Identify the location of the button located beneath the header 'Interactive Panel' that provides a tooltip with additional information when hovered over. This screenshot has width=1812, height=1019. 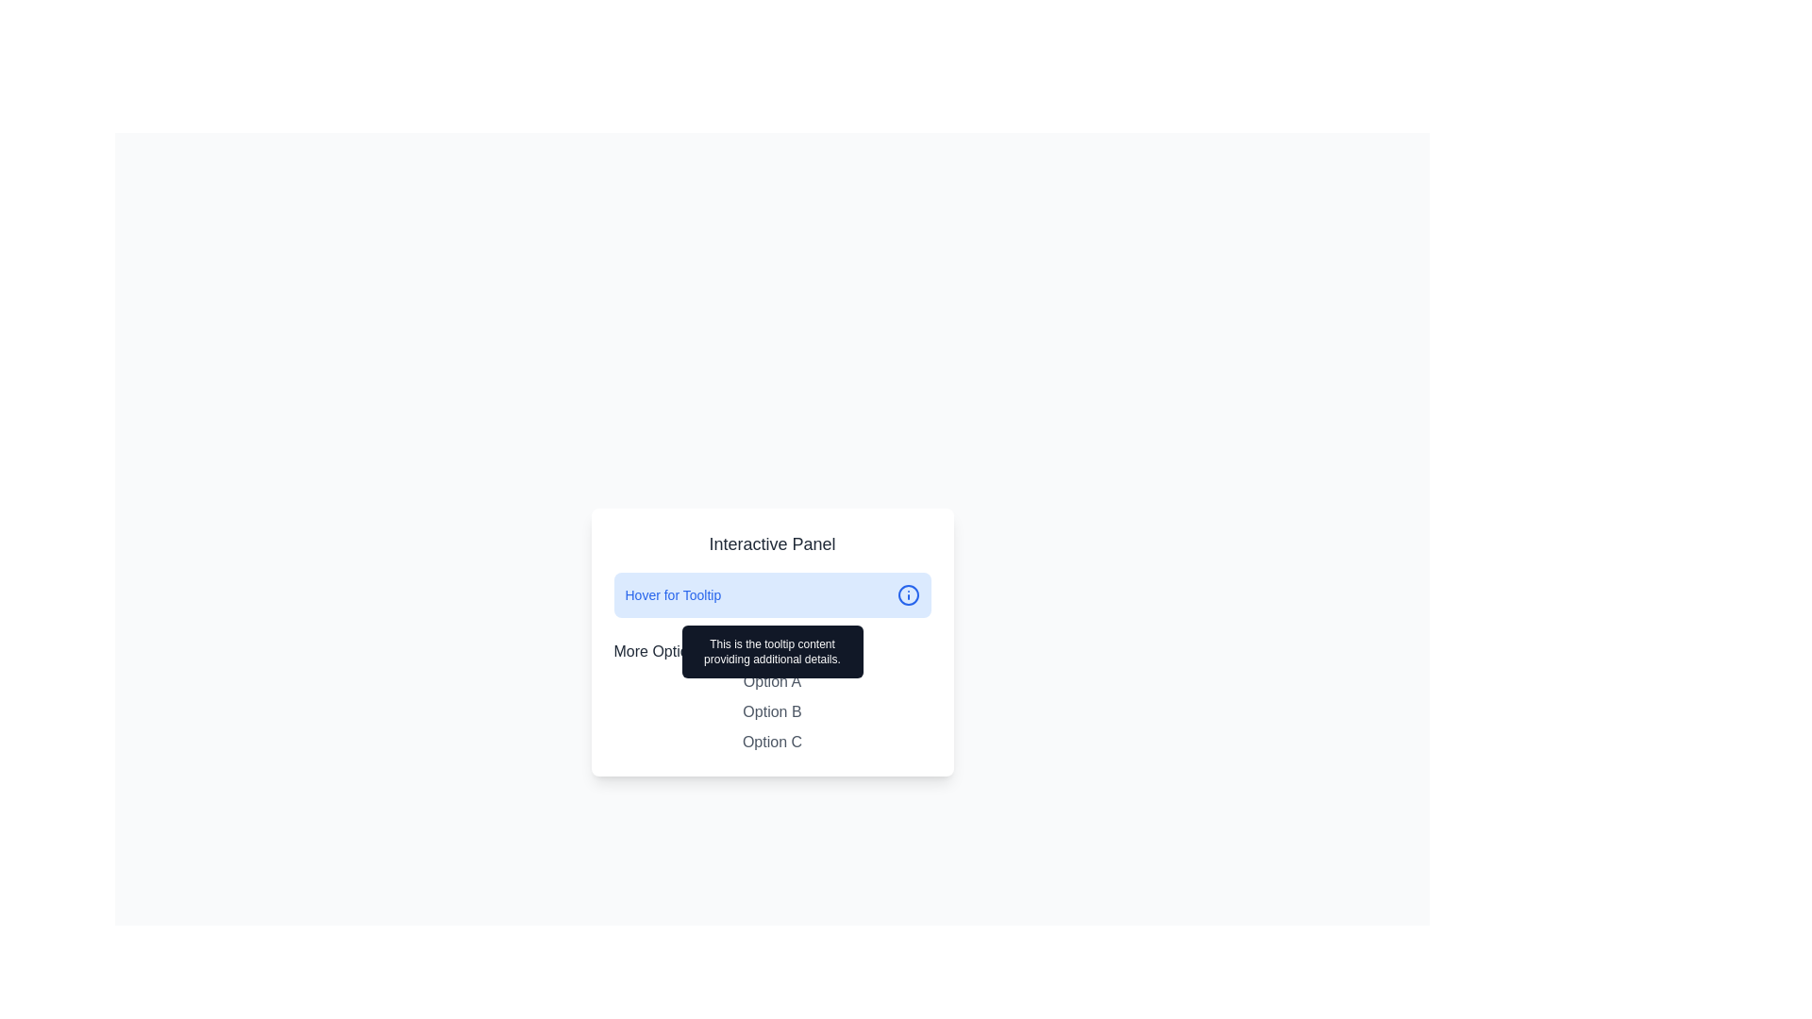
(772, 595).